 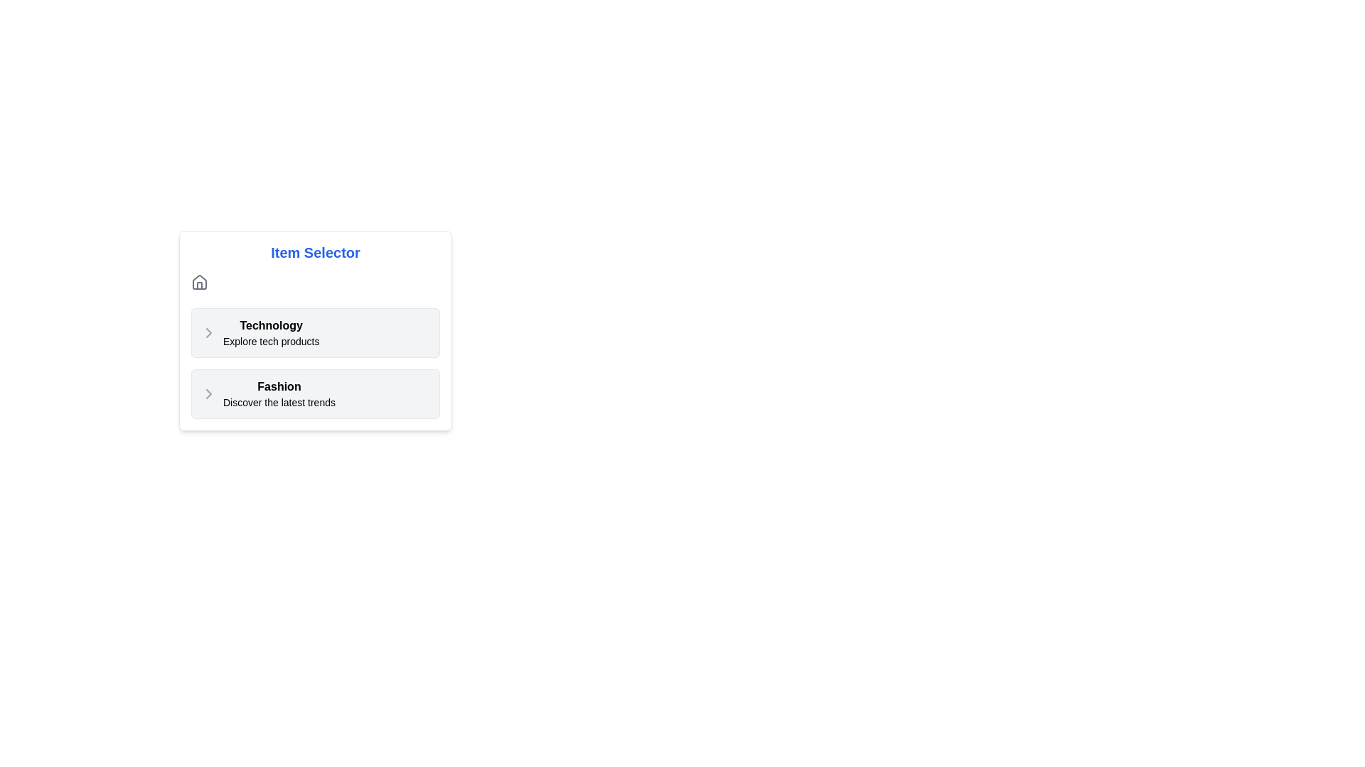 I want to click on the Text Label with Subtext that directs to the latest trends in fashion, located centrally in the second row beneath the 'Technology' item, so click(x=279, y=394).